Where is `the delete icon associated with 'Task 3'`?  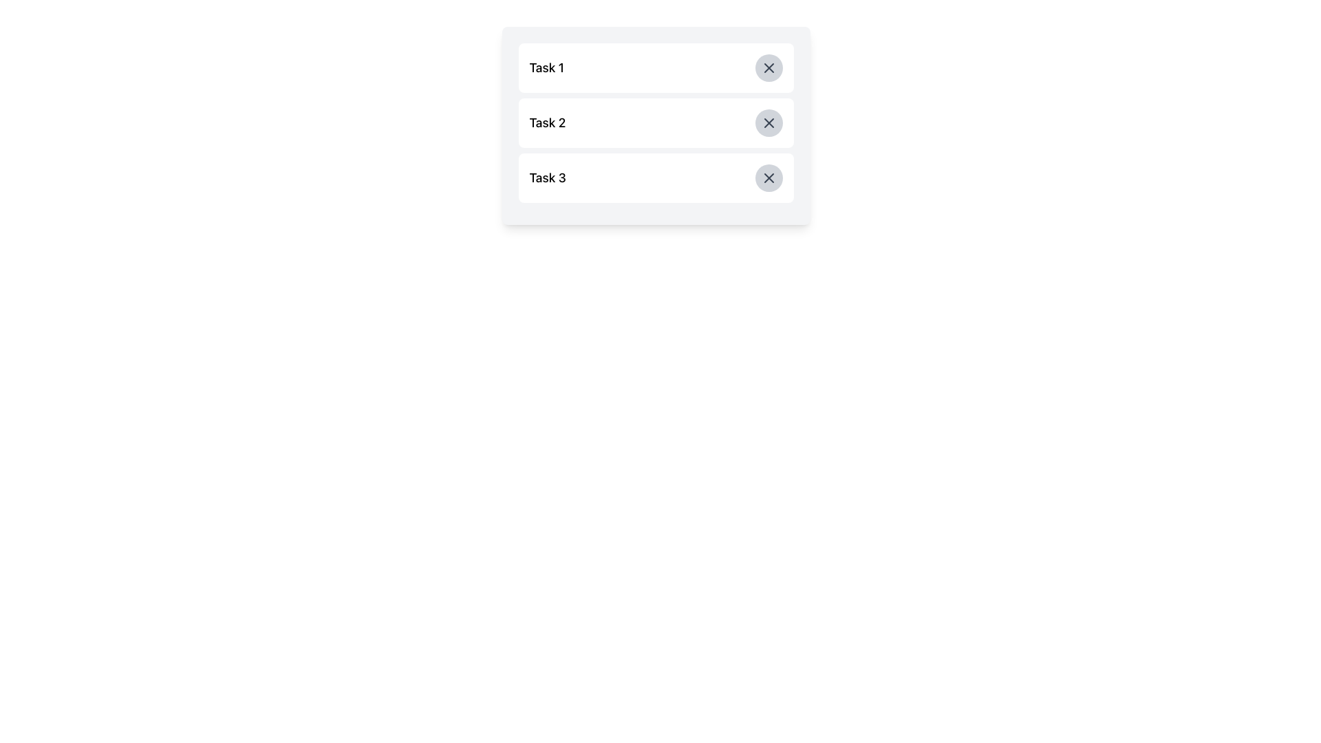 the delete icon associated with 'Task 3' is located at coordinates (768, 177).